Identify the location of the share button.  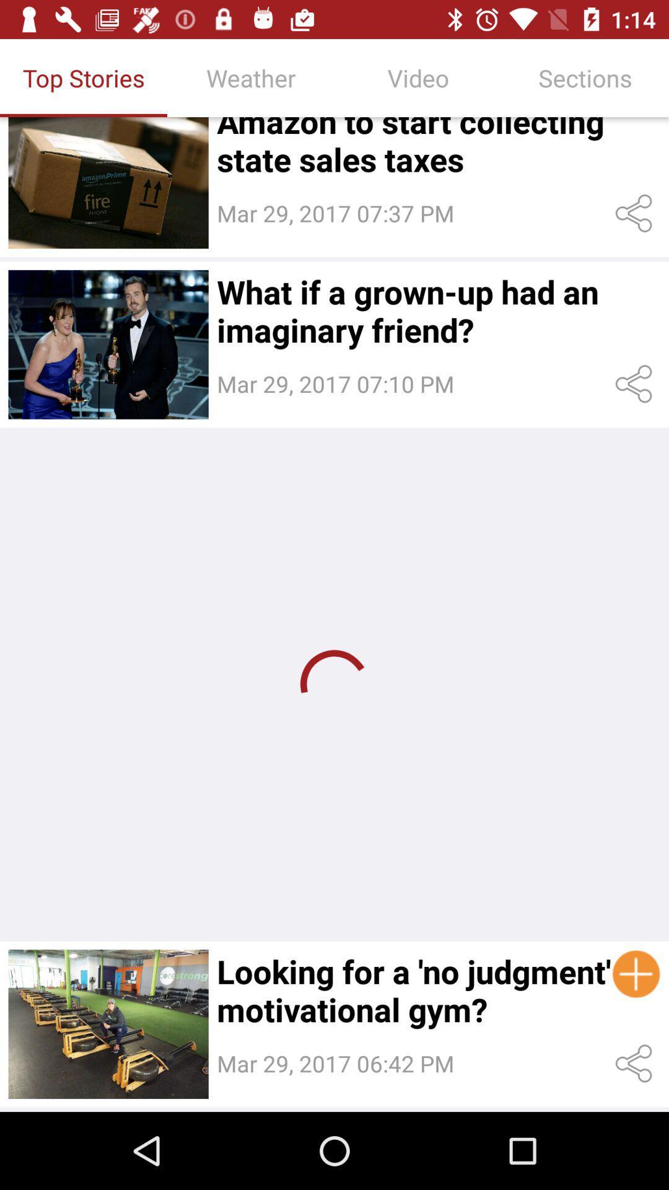
(636, 1063).